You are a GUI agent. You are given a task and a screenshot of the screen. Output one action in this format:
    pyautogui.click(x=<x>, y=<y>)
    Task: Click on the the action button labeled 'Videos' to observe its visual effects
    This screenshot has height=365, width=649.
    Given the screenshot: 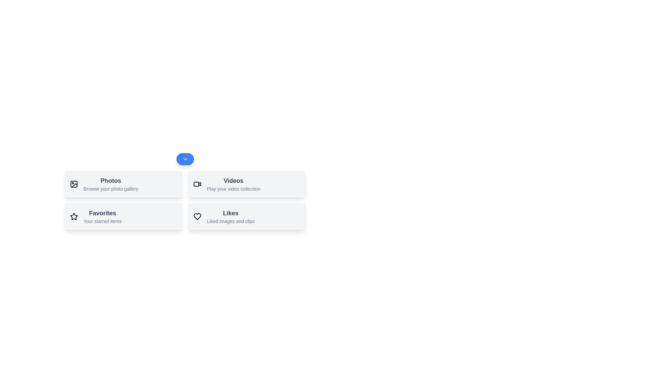 What is the action you would take?
    pyautogui.click(x=246, y=184)
    